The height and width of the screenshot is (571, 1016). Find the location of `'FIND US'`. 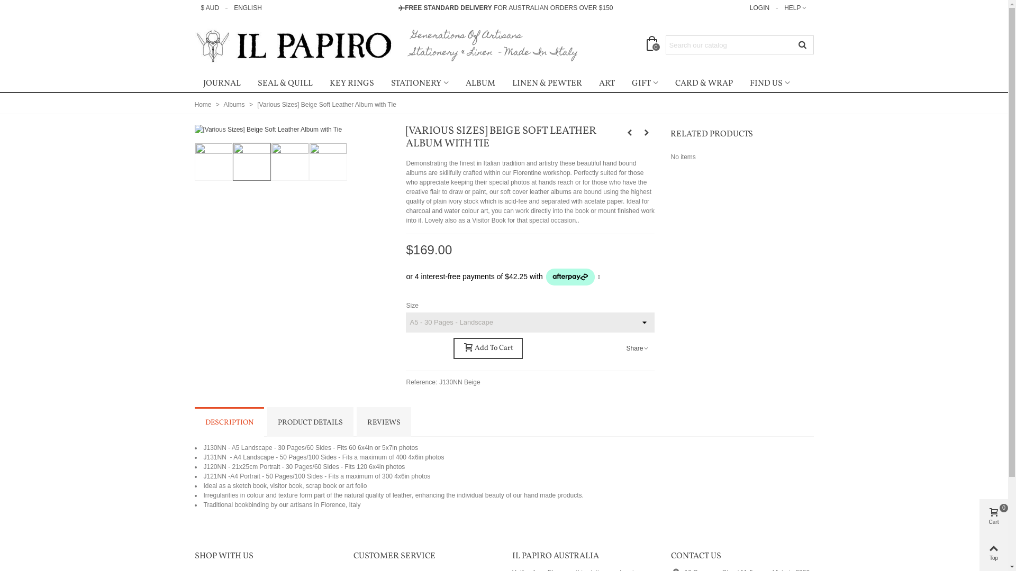

'FIND US' is located at coordinates (769, 83).